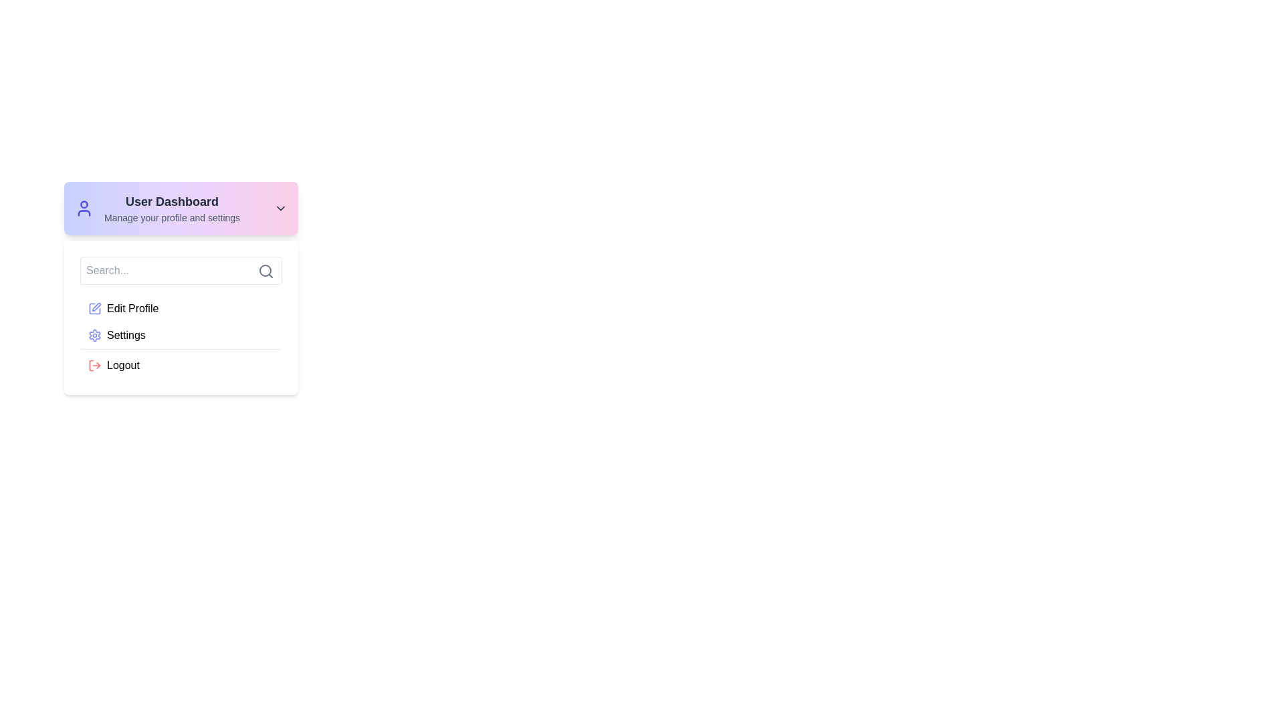 The height and width of the screenshot is (722, 1284). What do you see at coordinates (180, 209) in the screenshot?
I see `the Dropdown Header located at the top left of the dashboard` at bounding box center [180, 209].